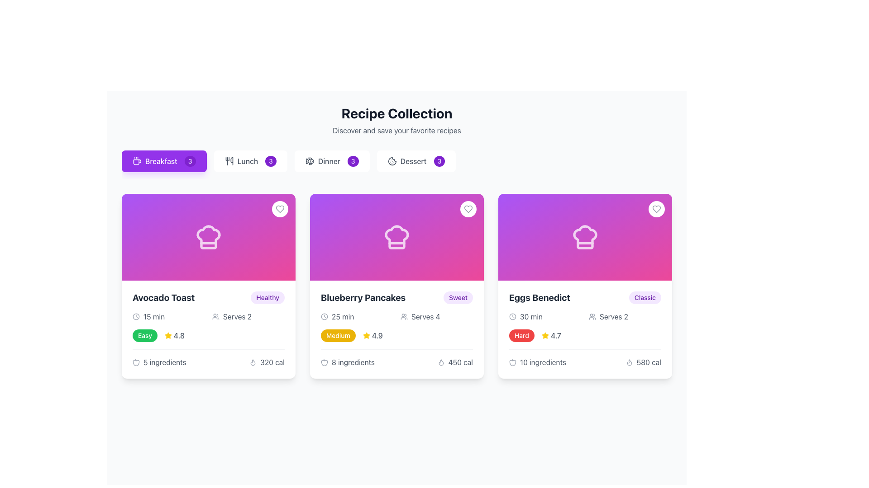  What do you see at coordinates (267, 298) in the screenshot?
I see `the category label for 'Avocado Toast'` at bounding box center [267, 298].